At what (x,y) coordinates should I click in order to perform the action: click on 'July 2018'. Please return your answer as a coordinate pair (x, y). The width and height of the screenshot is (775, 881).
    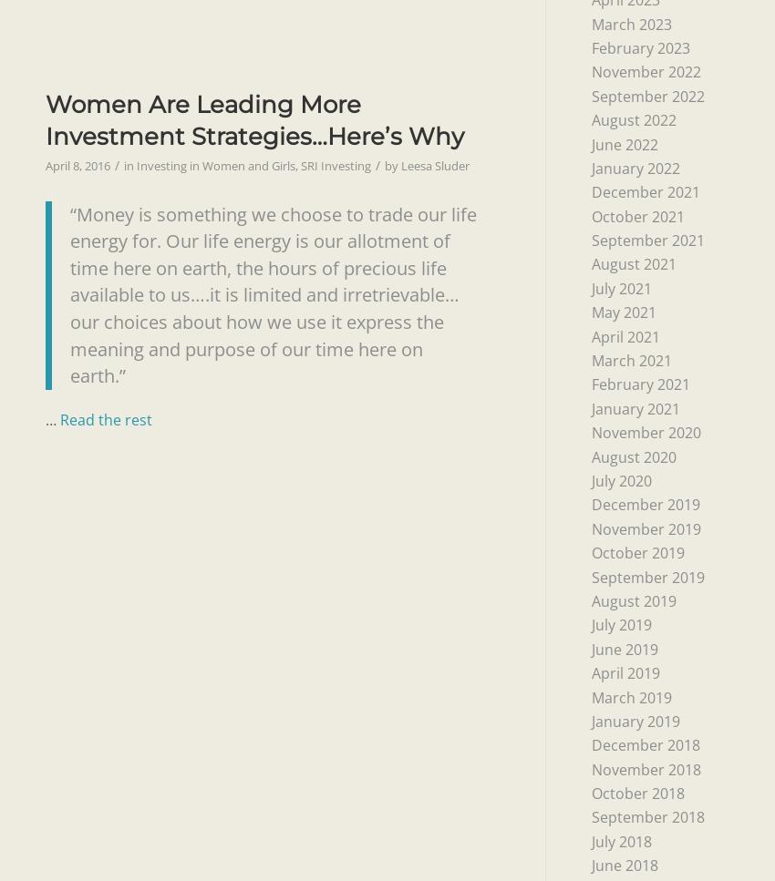
    Looking at the image, I should click on (620, 841).